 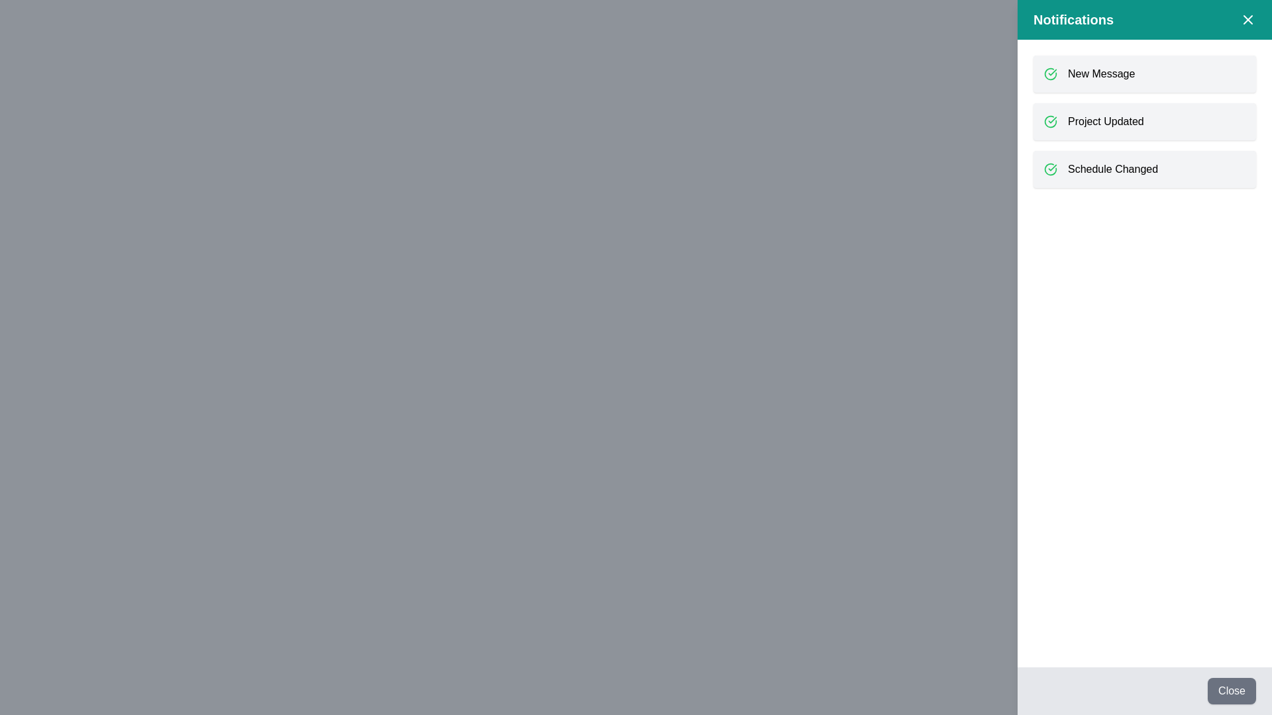 What do you see at coordinates (1073, 20) in the screenshot?
I see `text label displaying 'Notifications' in a bold, extra-large font, located in the top-left corner of the header bar` at bounding box center [1073, 20].